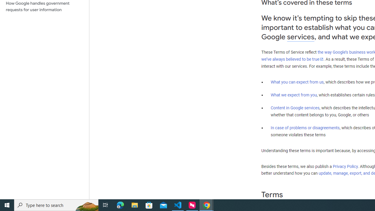 The height and width of the screenshot is (211, 375). I want to click on 'Content in Google services', so click(295, 108).